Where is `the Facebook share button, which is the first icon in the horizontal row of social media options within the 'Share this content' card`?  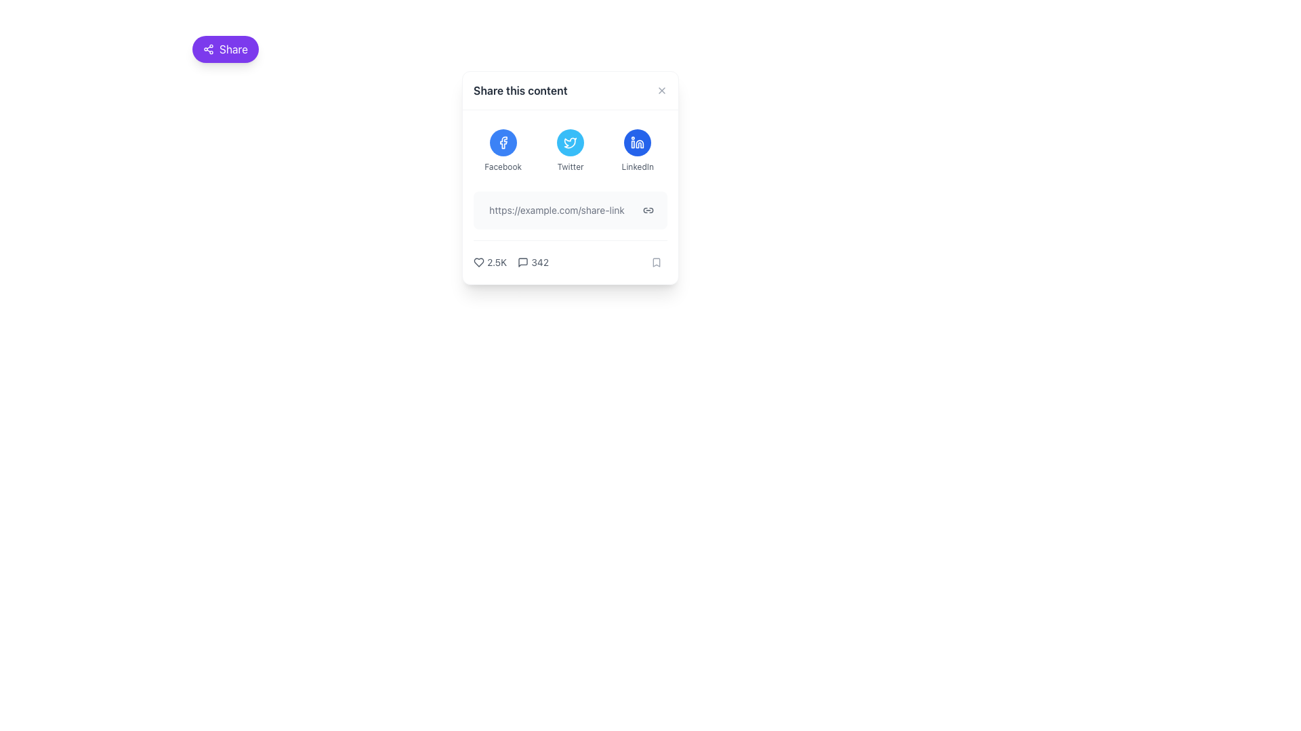 the Facebook share button, which is the first icon in the horizontal row of social media options within the 'Share this content' card is located at coordinates (502, 143).